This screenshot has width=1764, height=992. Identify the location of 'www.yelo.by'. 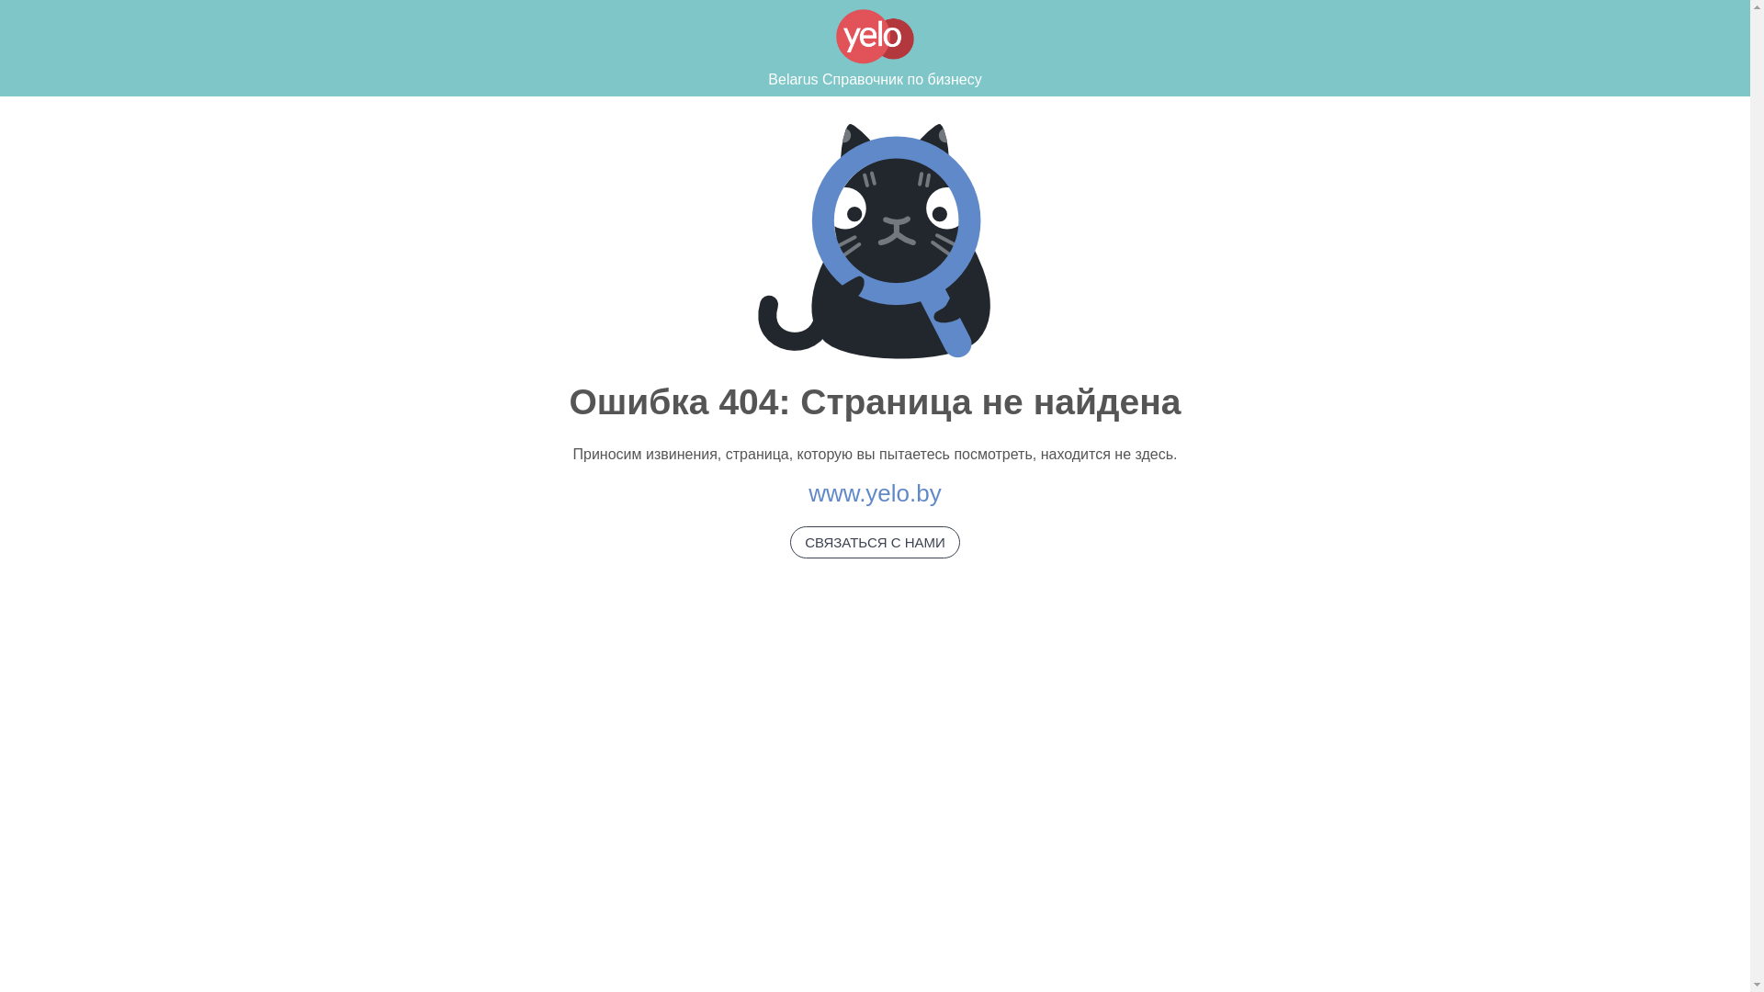
(874, 491).